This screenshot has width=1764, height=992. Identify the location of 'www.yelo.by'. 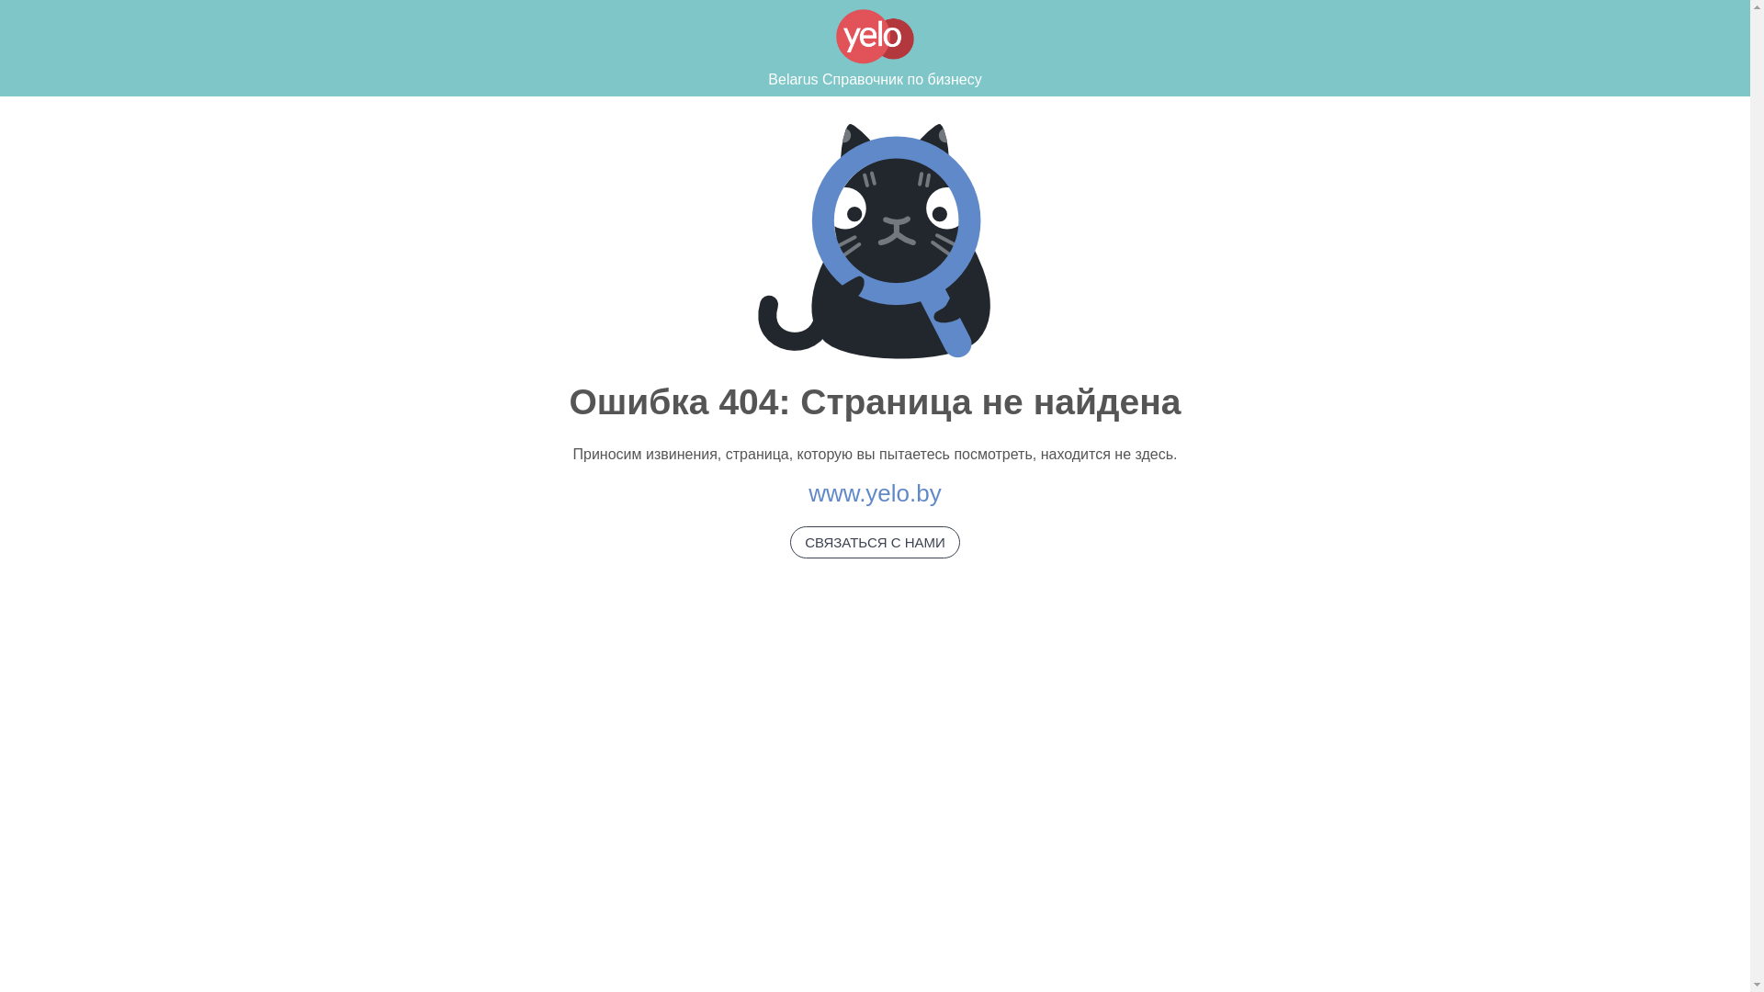
(874, 491).